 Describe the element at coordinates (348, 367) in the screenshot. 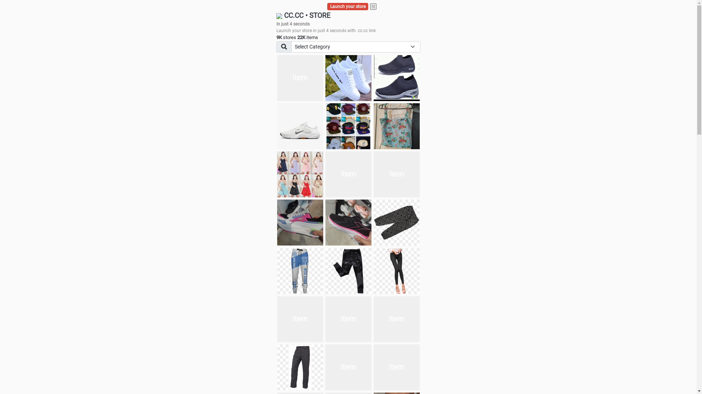

I see `'Pant'` at that location.